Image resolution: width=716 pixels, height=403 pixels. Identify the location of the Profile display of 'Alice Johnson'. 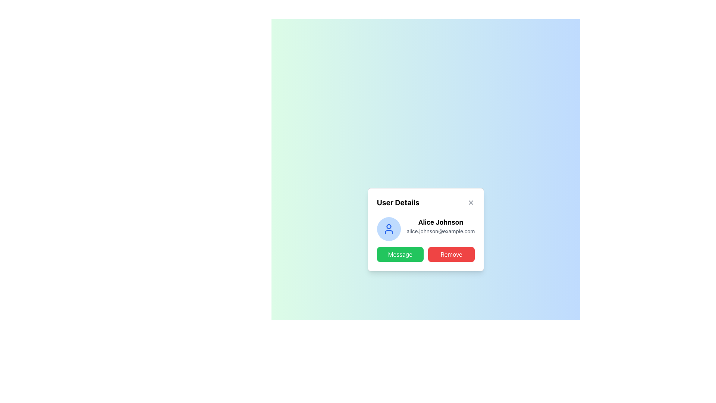
(426, 228).